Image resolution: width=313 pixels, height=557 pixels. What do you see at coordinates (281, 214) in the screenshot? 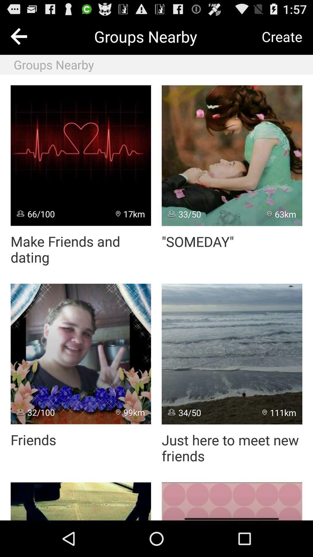
I see `icon next to 33/50 item` at bounding box center [281, 214].